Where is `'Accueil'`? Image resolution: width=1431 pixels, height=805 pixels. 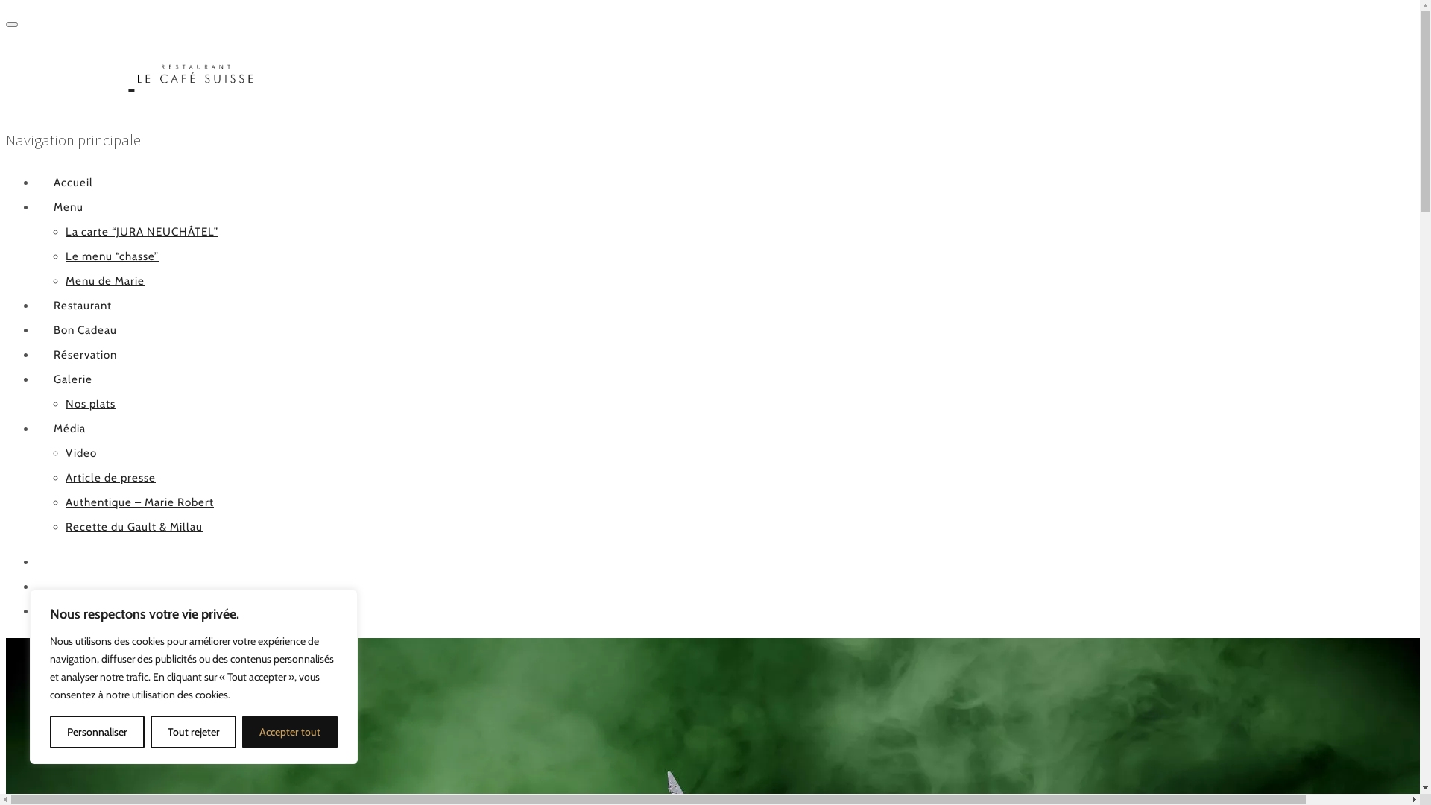 'Accueil' is located at coordinates (36, 182).